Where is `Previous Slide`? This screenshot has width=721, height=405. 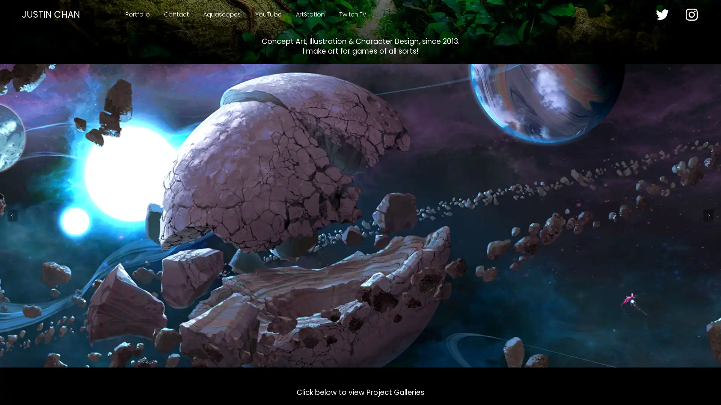
Previous Slide is located at coordinates (12, 215).